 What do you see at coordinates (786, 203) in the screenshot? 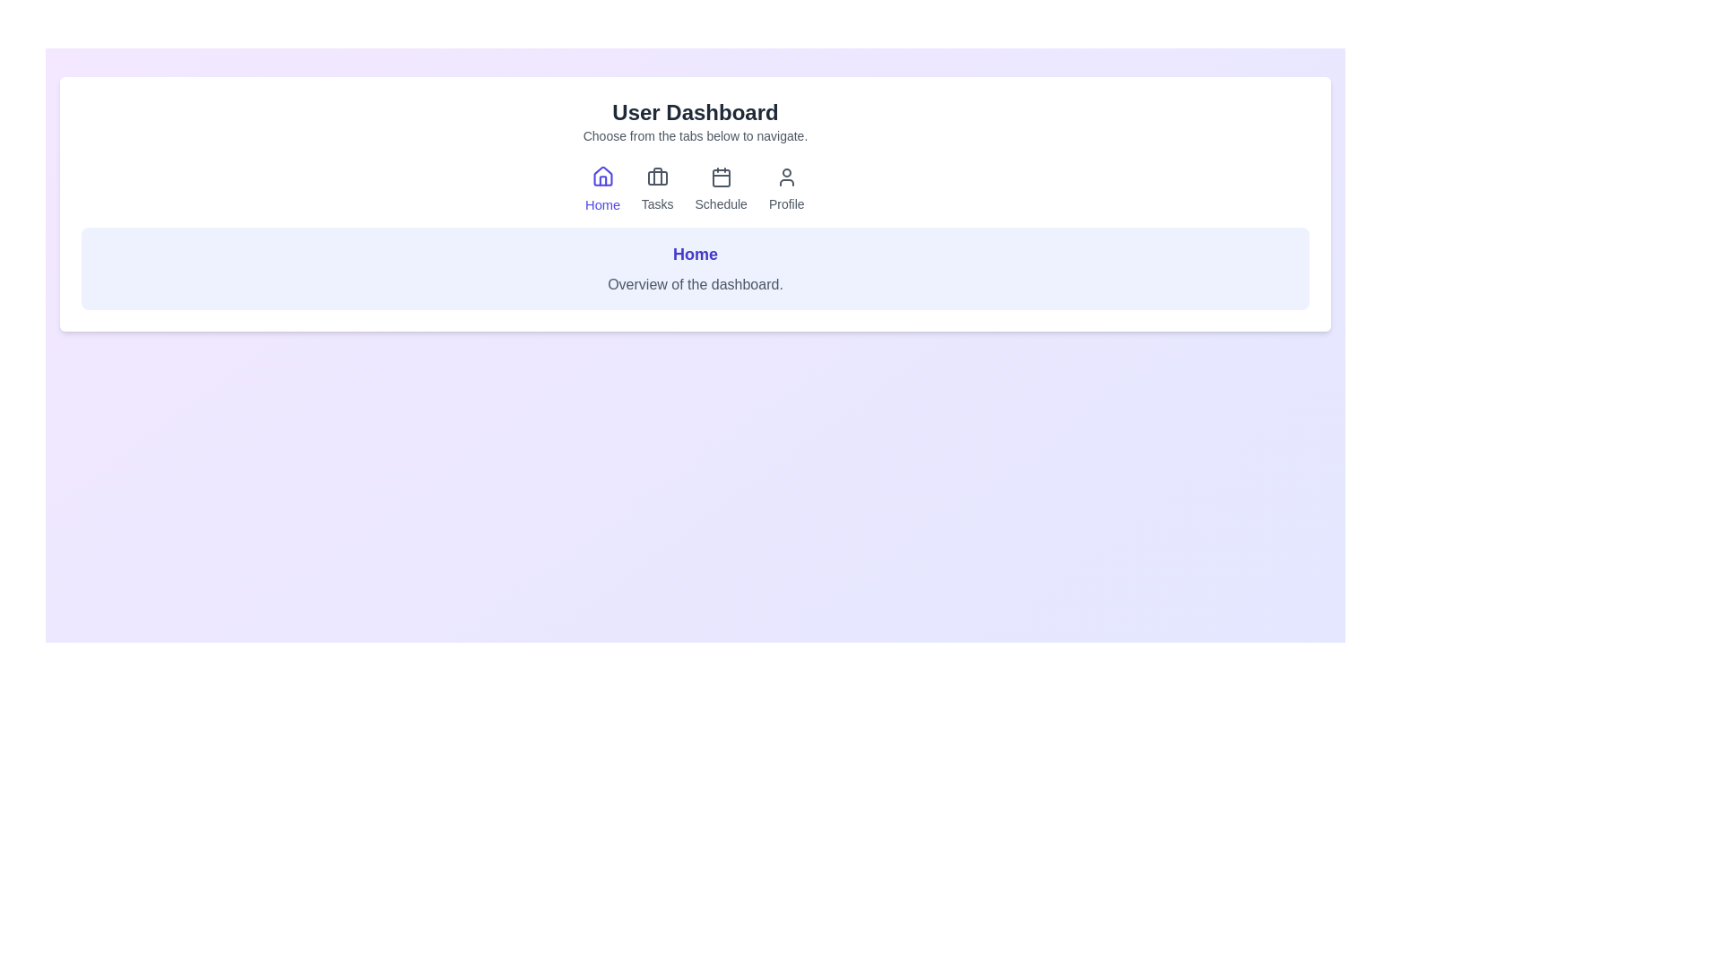
I see `the 'Profile' text label in the top-center navigation bar, which serves as a caption for the Profile section of the application` at bounding box center [786, 203].